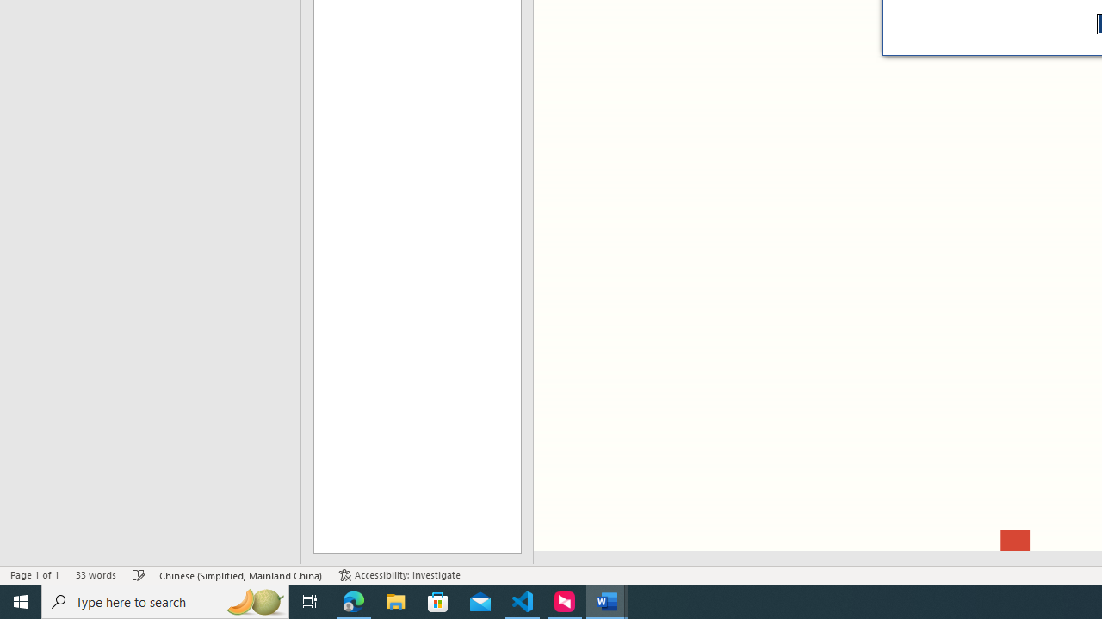 The width and height of the screenshot is (1102, 619). I want to click on 'Task View', so click(309, 600).